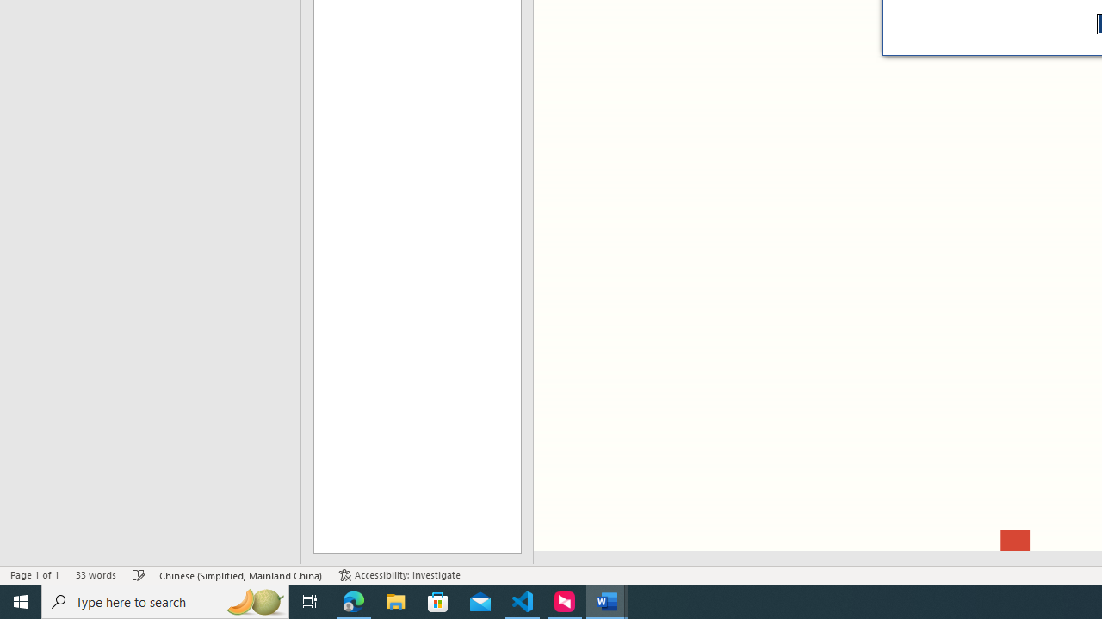 The width and height of the screenshot is (1102, 619). I want to click on 'Task View', so click(309, 600).